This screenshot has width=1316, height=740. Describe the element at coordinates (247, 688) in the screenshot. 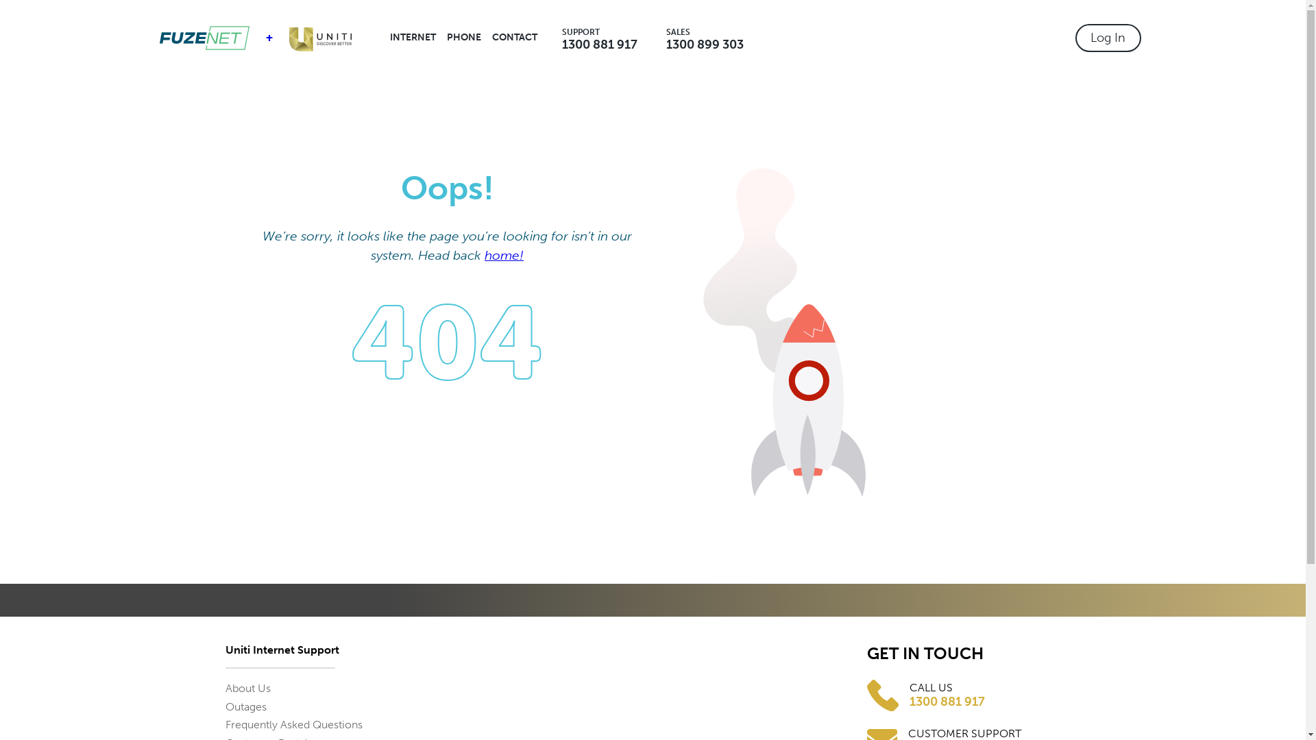

I see `'About Us'` at that location.